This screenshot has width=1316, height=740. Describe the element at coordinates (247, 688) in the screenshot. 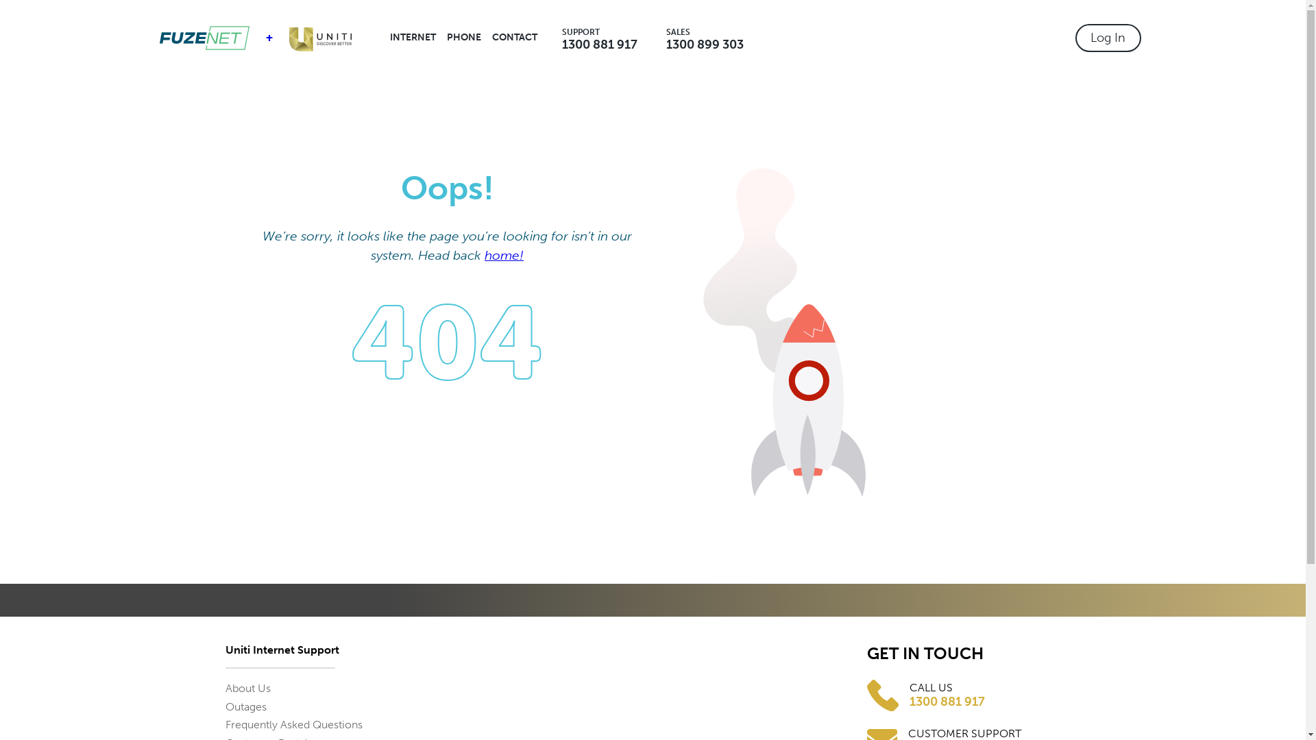

I see `'About Us'` at that location.